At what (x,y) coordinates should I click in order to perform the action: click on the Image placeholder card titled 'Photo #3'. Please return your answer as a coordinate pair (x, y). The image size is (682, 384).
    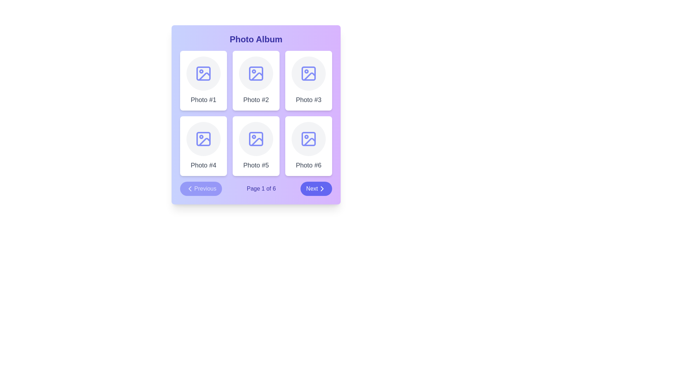
    Looking at the image, I should click on (308, 80).